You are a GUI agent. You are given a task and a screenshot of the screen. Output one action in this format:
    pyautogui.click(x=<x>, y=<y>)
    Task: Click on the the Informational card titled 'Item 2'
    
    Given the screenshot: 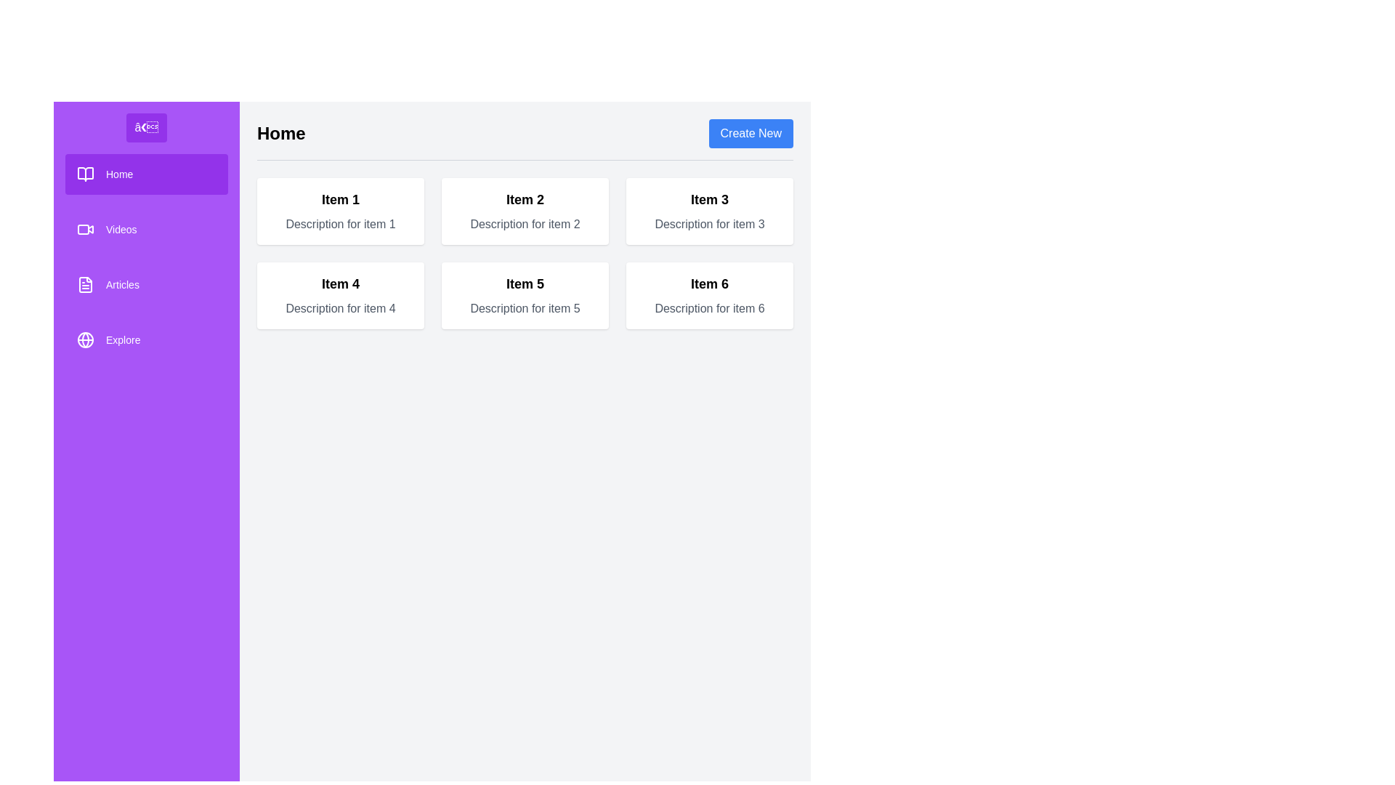 What is the action you would take?
    pyautogui.click(x=525, y=211)
    